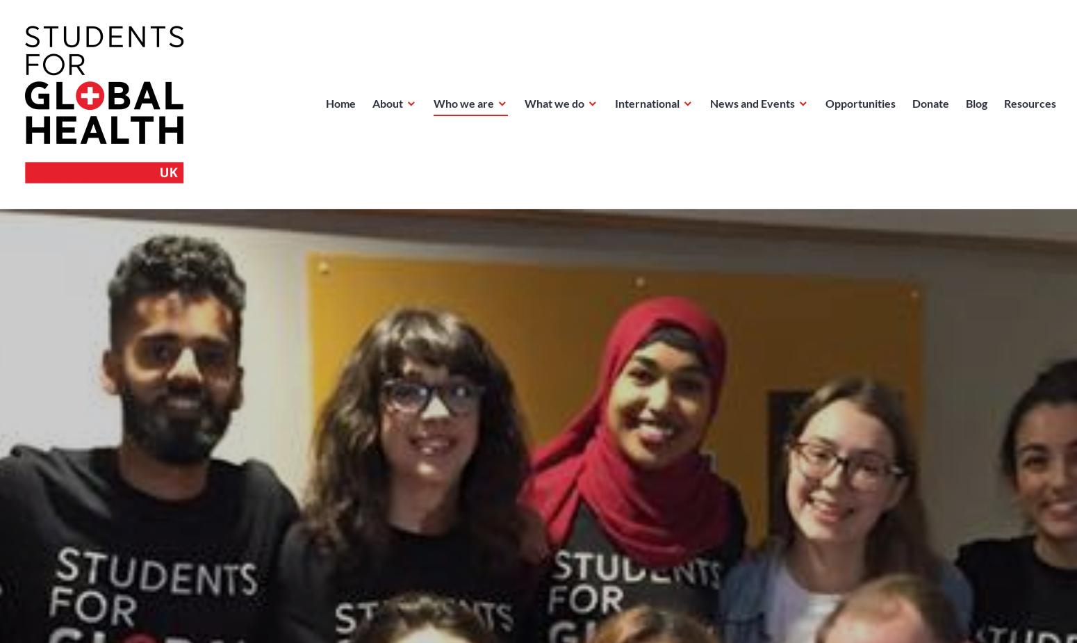  I want to click on 'Blog', so click(976, 102).